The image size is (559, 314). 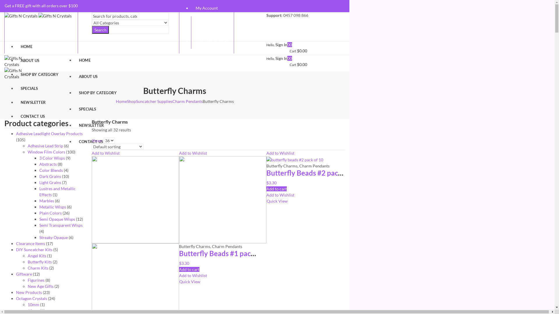 What do you see at coordinates (24, 274) in the screenshot?
I see `'Giftware'` at bounding box center [24, 274].